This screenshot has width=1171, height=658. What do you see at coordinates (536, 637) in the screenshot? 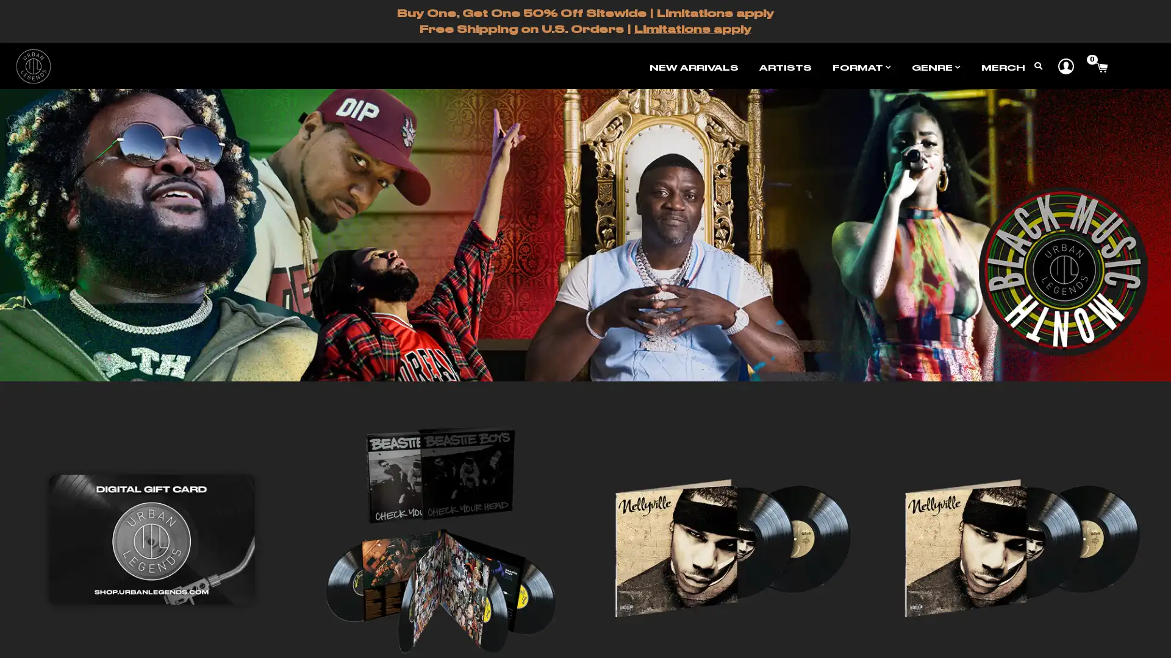
I see `I Understand` at bounding box center [536, 637].